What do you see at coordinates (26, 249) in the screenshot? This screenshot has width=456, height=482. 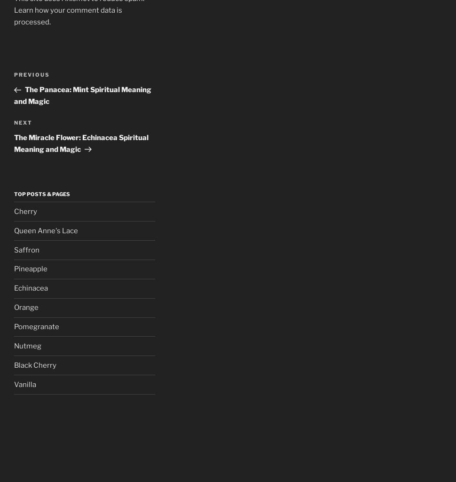 I see `'Saffron'` at bounding box center [26, 249].